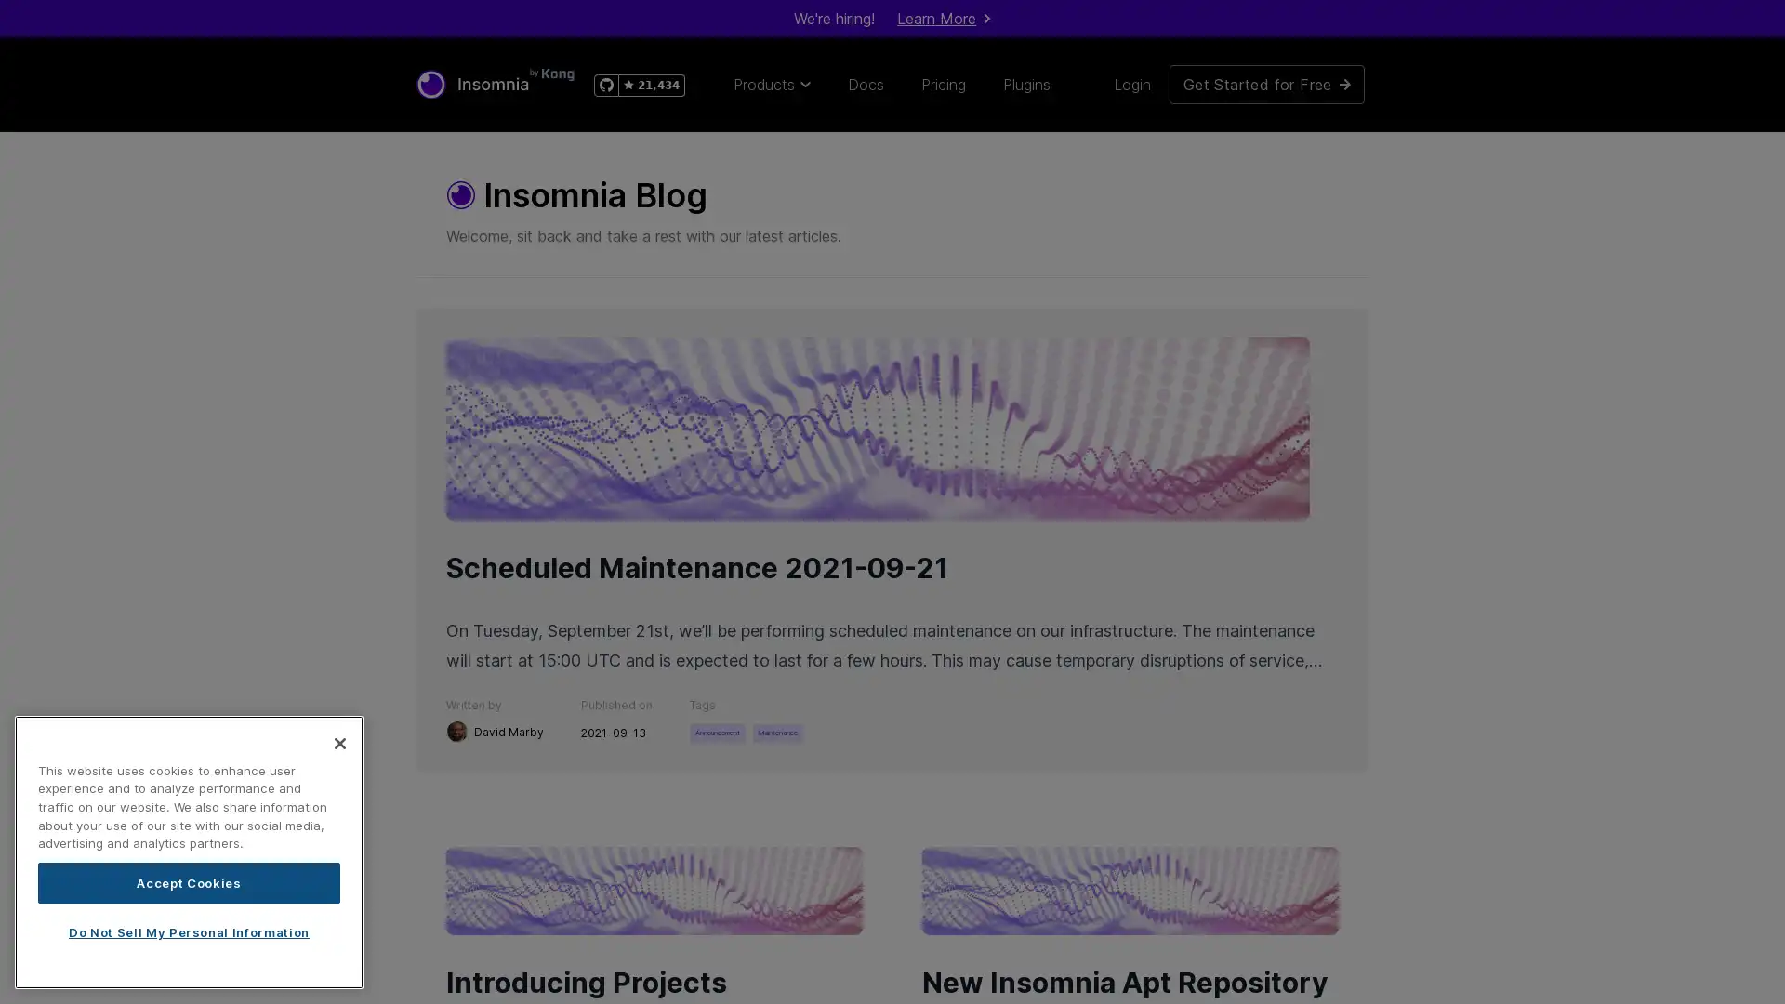 The height and width of the screenshot is (1004, 1785). Describe the element at coordinates (189, 881) in the screenshot. I see `Accept Cookies` at that location.